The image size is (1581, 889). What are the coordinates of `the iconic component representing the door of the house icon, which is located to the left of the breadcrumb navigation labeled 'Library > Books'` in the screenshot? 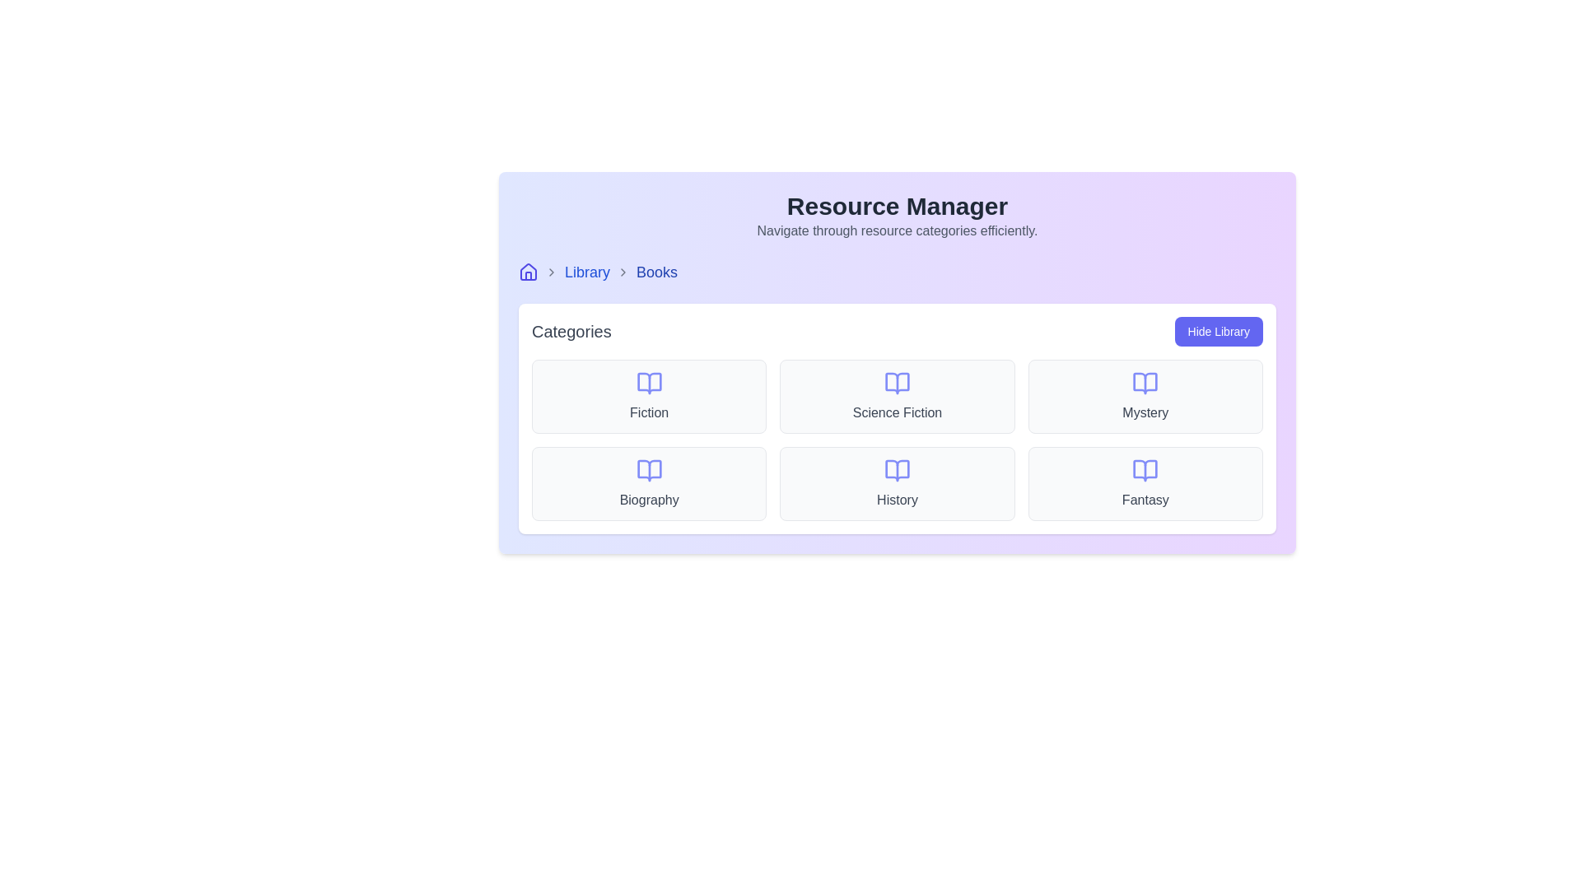 It's located at (529, 275).